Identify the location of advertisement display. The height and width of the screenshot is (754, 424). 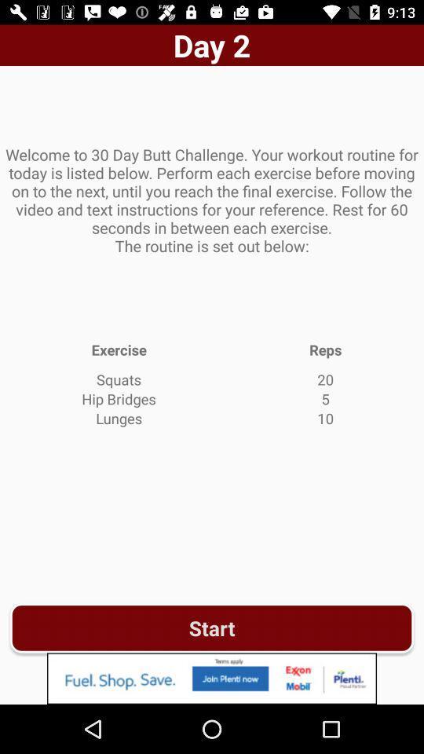
(212, 678).